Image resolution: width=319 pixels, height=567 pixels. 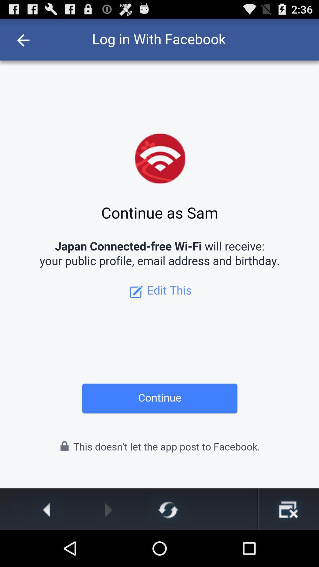 What do you see at coordinates (48, 545) in the screenshot?
I see `the arrow_backward icon` at bounding box center [48, 545].